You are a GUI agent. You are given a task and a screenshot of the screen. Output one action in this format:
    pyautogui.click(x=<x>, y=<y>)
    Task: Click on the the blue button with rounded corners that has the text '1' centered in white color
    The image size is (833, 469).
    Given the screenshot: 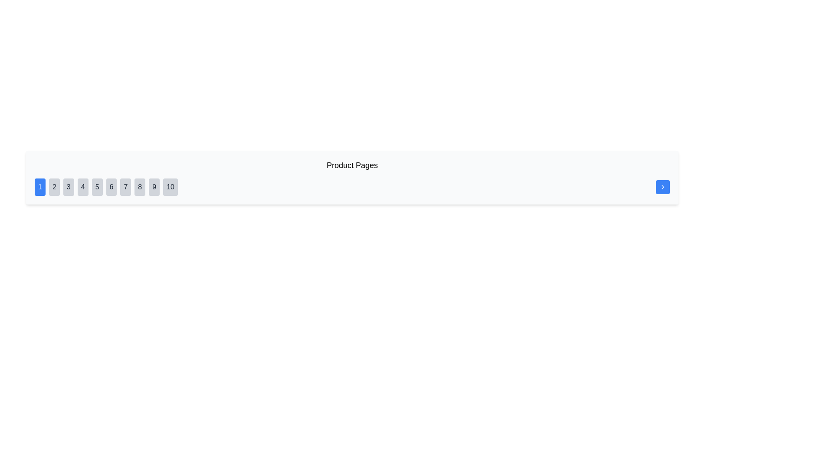 What is the action you would take?
    pyautogui.click(x=39, y=187)
    